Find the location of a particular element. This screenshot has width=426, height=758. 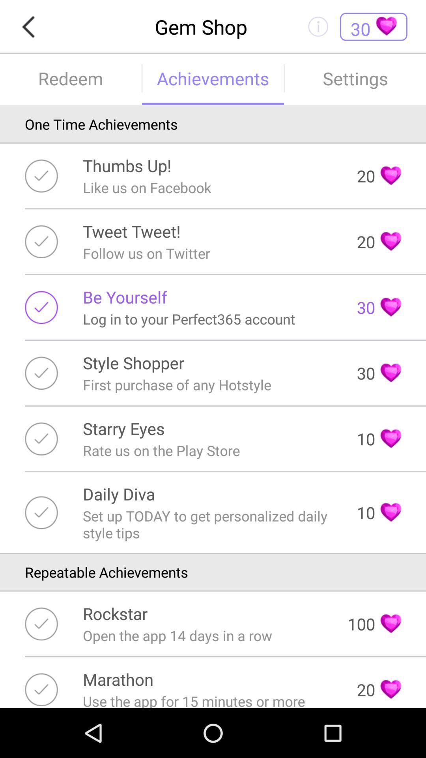

the item to the left of 20 icon is located at coordinates (127, 165).